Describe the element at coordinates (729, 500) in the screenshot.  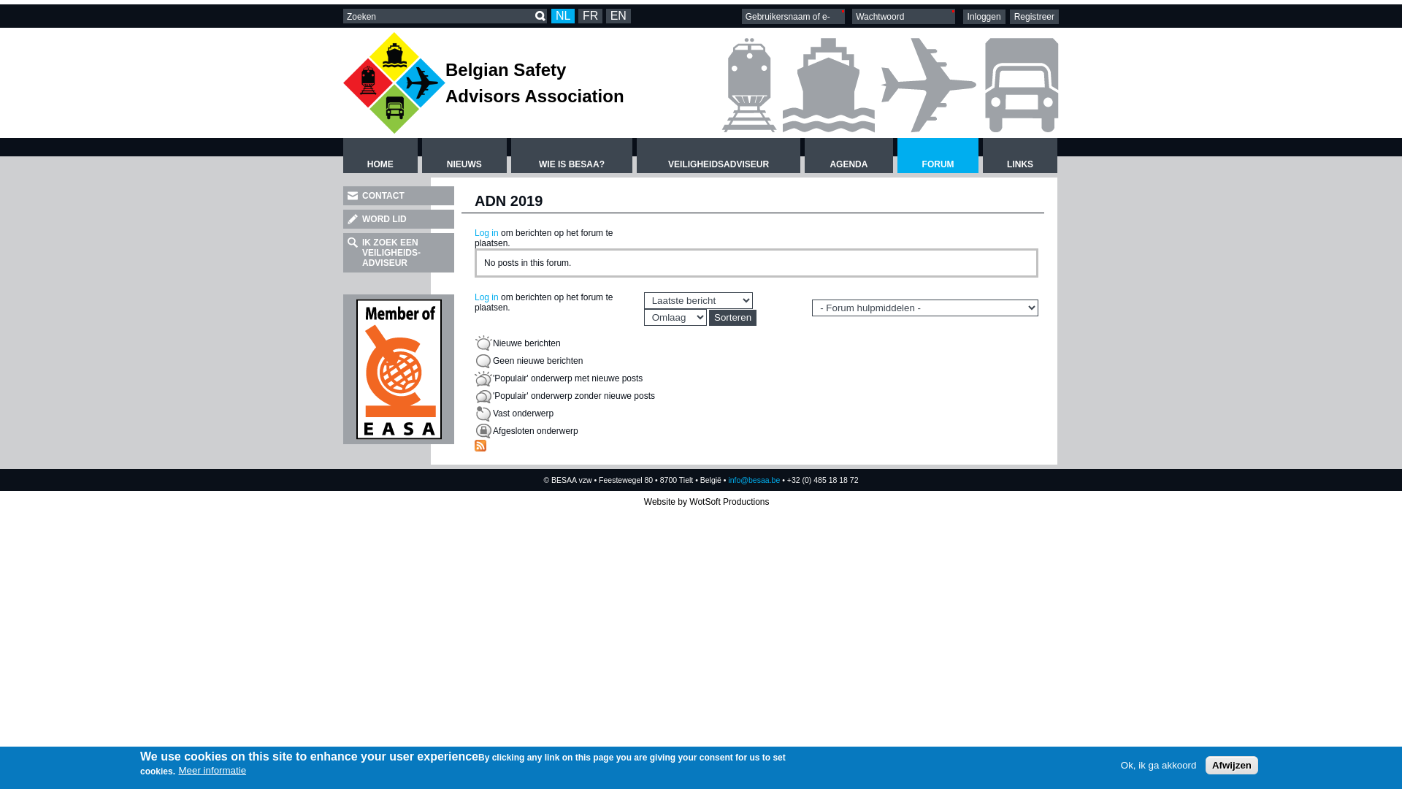
I see `'WotSoft Productions'` at that location.